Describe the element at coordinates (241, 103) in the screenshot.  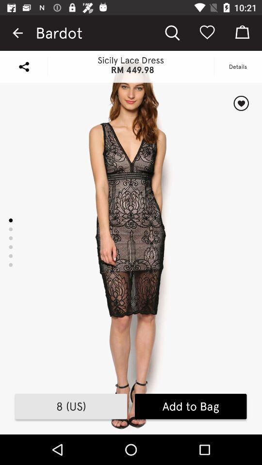
I see `the favorite icon` at that location.